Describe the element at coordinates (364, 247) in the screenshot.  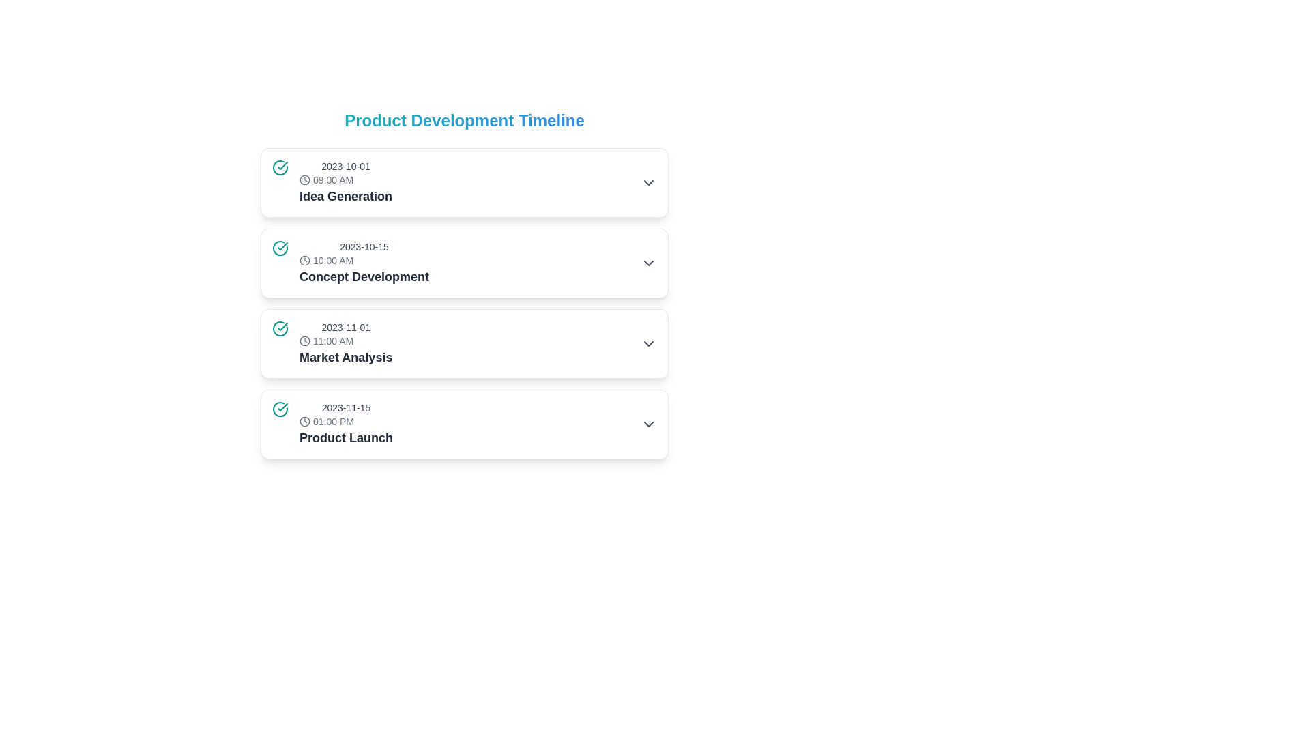
I see `the Text label that communicates the date associated with the 'Concept Development' event, located above the '10:00 AM' time entry and to the left of the circular clock icon` at that location.